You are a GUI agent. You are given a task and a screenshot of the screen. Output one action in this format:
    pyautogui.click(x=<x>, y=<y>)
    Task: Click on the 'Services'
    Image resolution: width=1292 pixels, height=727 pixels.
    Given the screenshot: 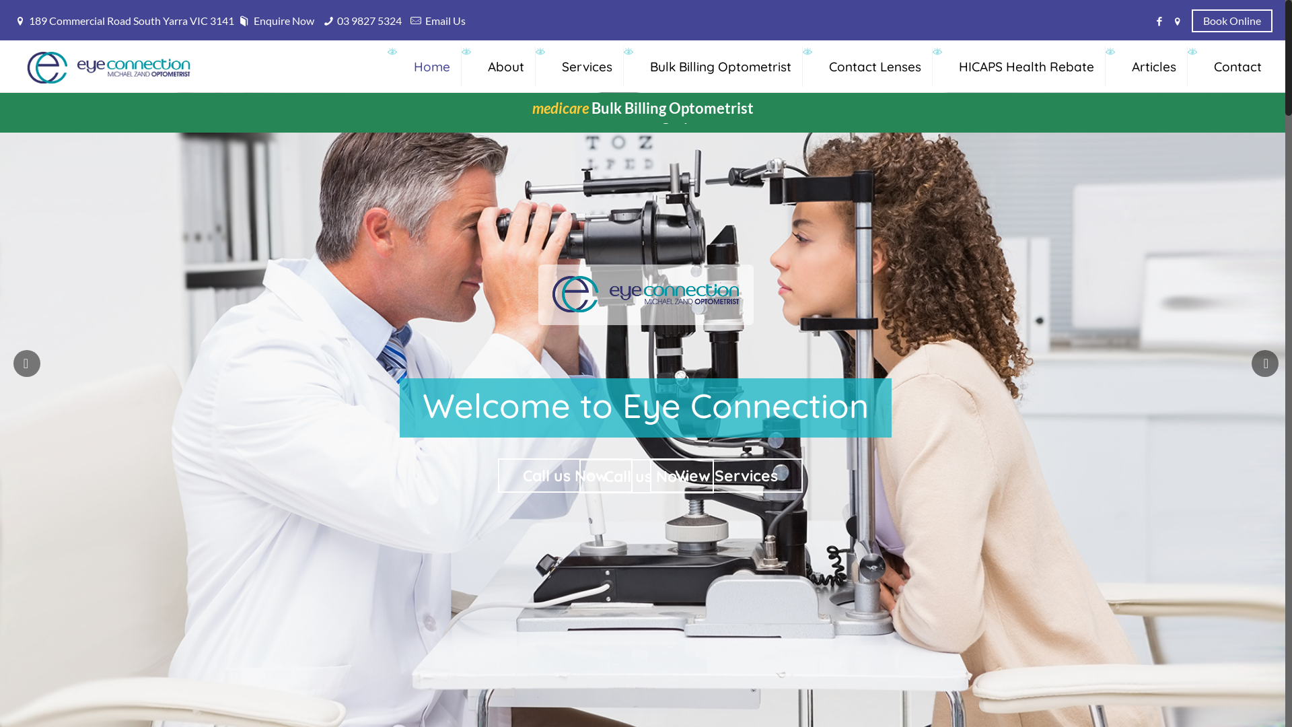 What is the action you would take?
    pyautogui.click(x=587, y=66)
    